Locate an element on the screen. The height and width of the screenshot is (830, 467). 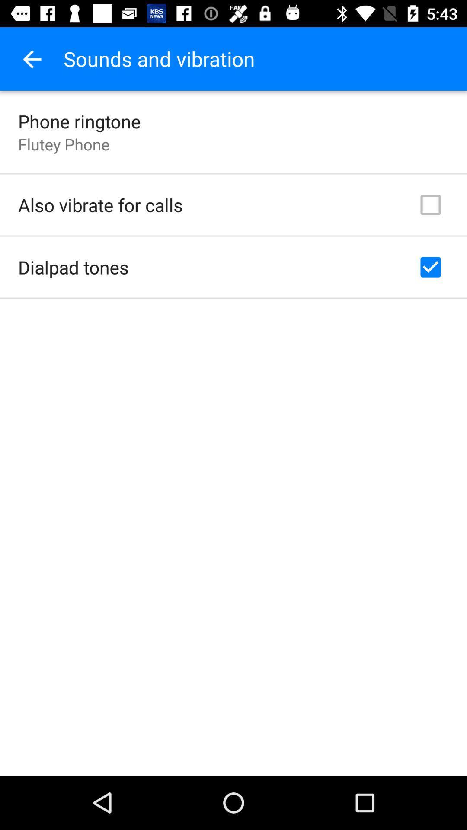
the item above also vibrate for item is located at coordinates (63, 144).